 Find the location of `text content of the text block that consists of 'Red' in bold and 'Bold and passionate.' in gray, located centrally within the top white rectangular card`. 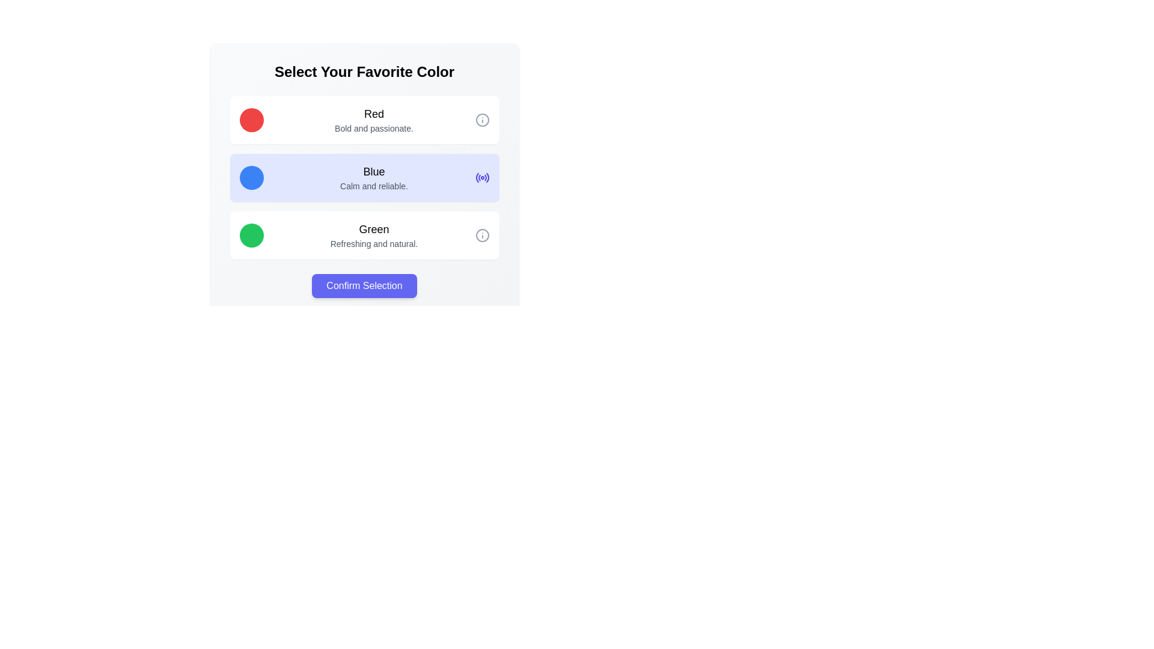

text content of the text block that consists of 'Red' in bold and 'Bold and passionate.' in gray, located centrally within the top white rectangular card is located at coordinates (373, 120).